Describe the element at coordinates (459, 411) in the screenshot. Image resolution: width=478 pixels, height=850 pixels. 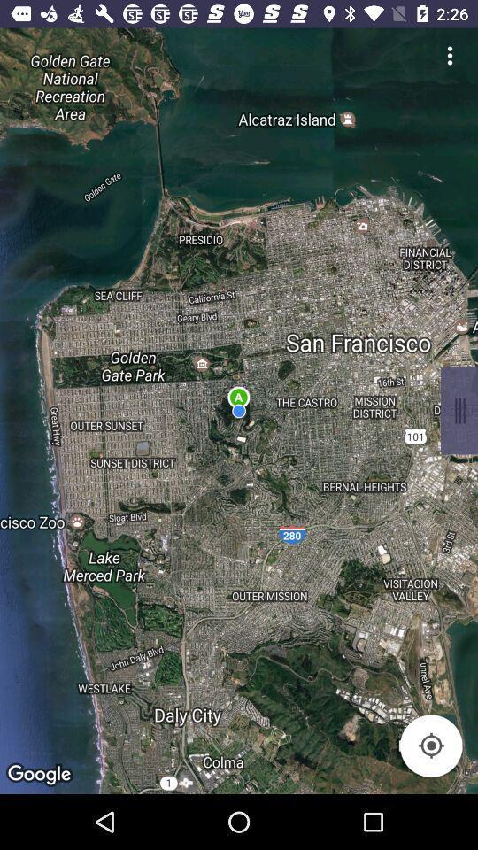
I see `open context menu` at that location.